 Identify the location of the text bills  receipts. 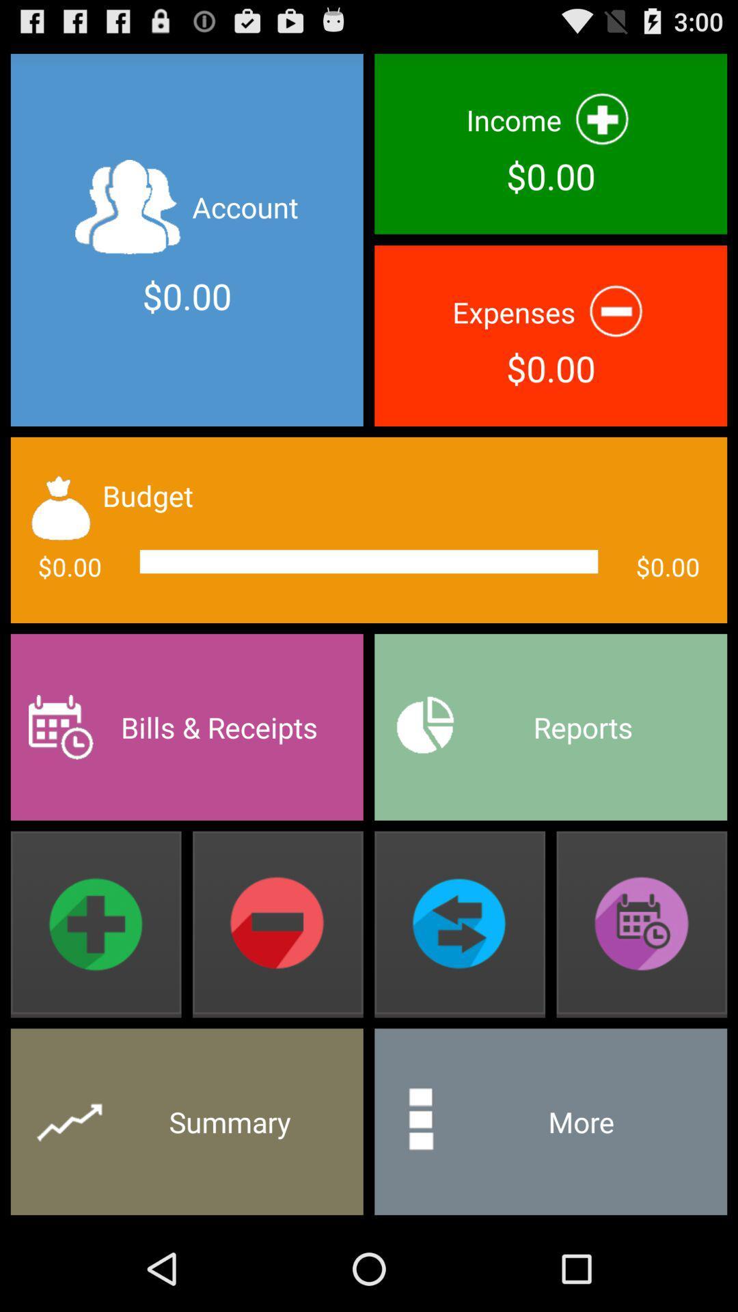
(187, 726).